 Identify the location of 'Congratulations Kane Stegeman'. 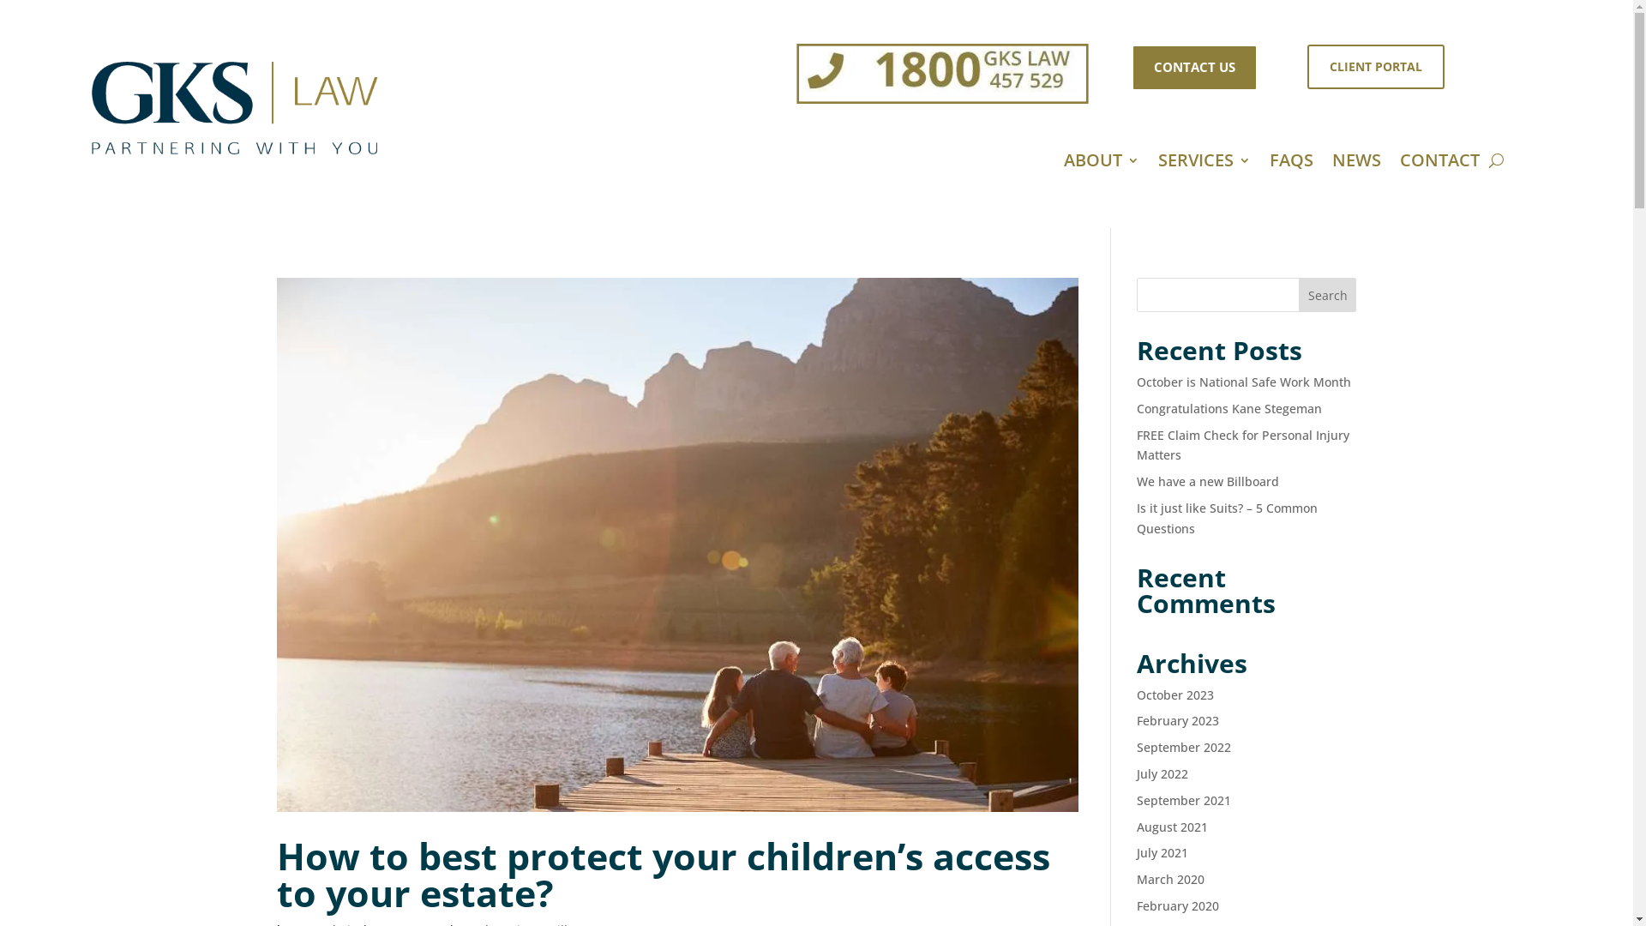
(1228, 408).